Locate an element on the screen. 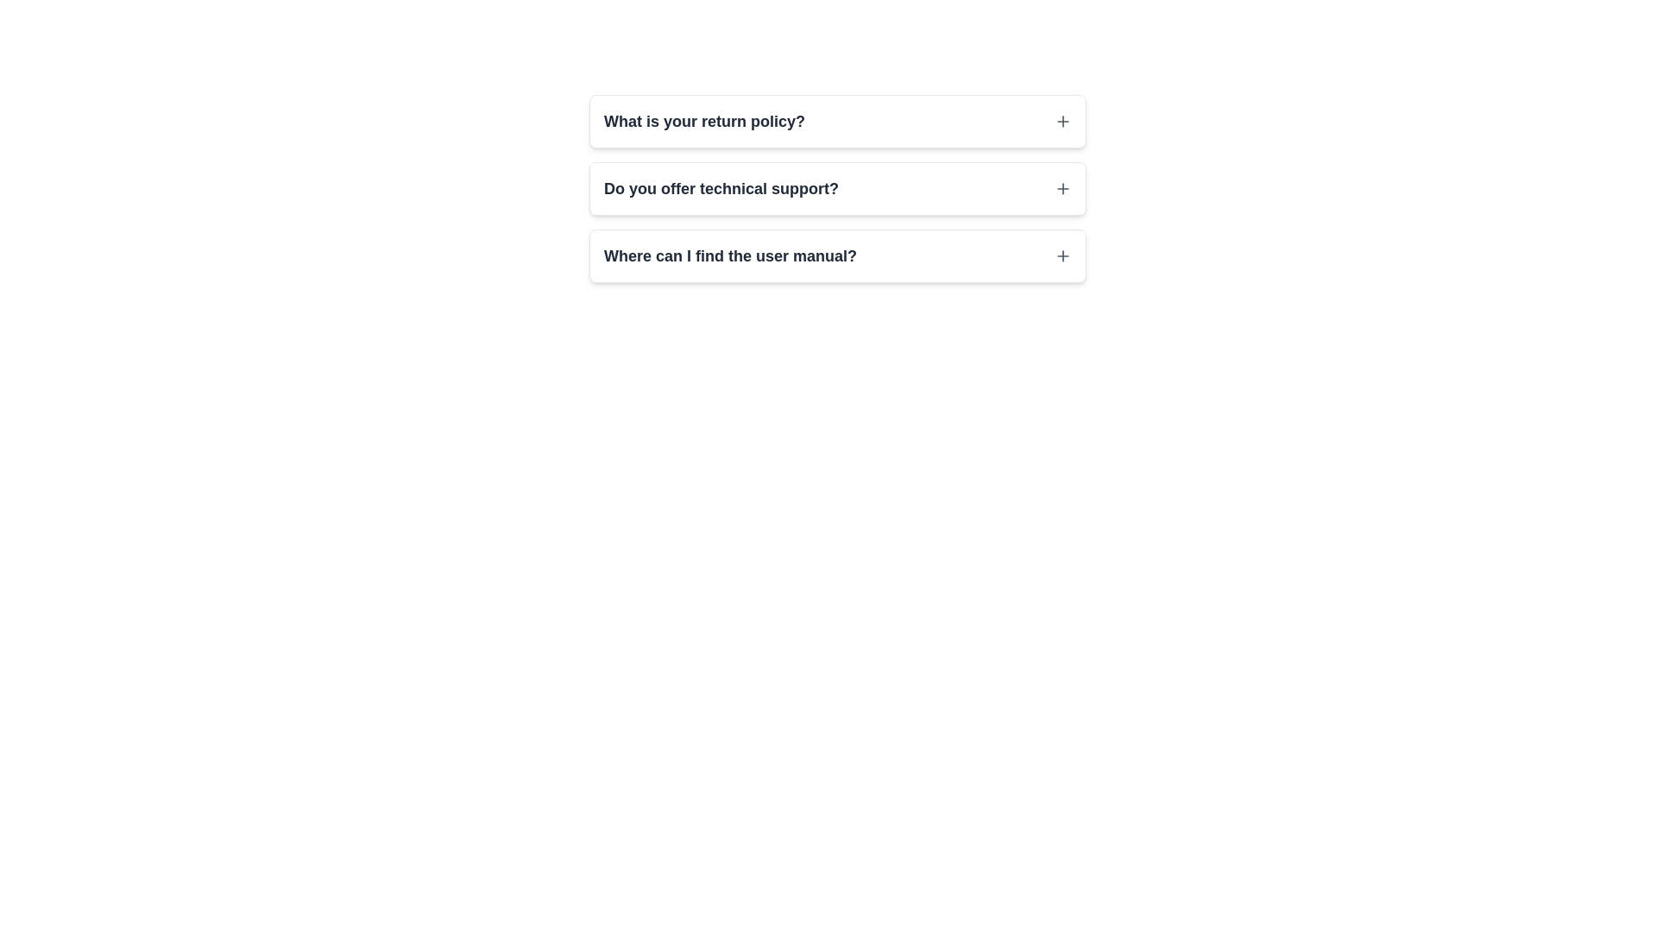  the collapsible question item labeled 'Where can I find the user manual?' is located at coordinates (837, 256).